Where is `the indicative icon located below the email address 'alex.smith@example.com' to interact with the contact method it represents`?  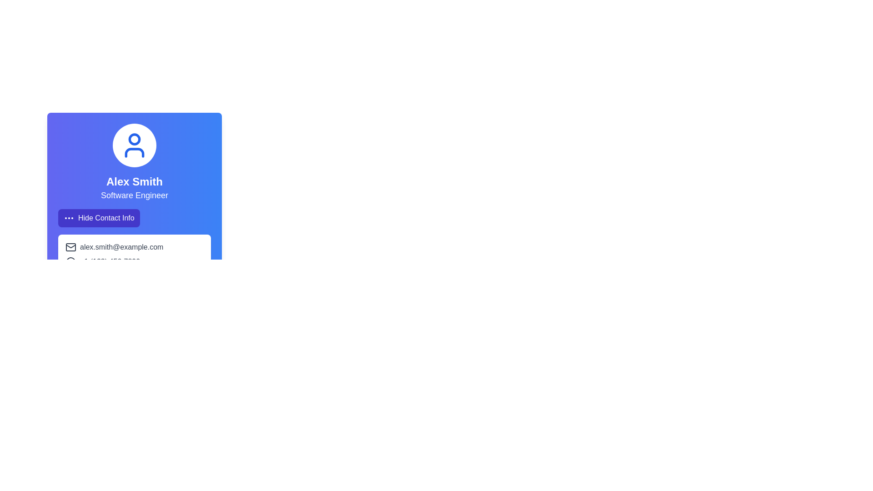 the indicative icon located below the email address 'alex.smith@example.com' to interact with the contact method it represents is located at coordinates (70, 262).